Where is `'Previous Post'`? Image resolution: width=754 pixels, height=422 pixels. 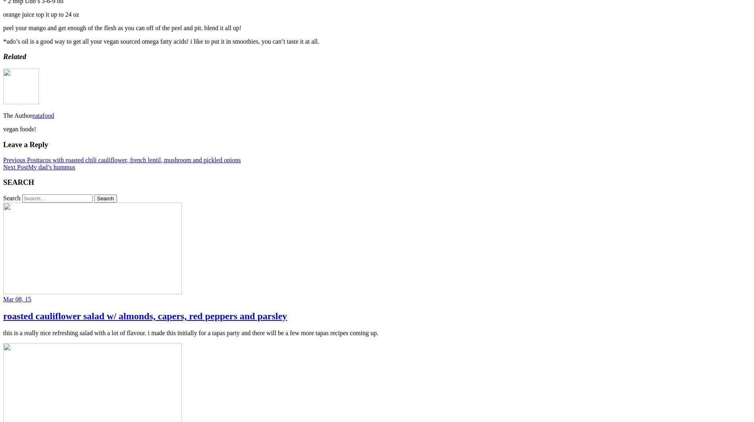
'Previous Post' is located at coordinates (3, 159).